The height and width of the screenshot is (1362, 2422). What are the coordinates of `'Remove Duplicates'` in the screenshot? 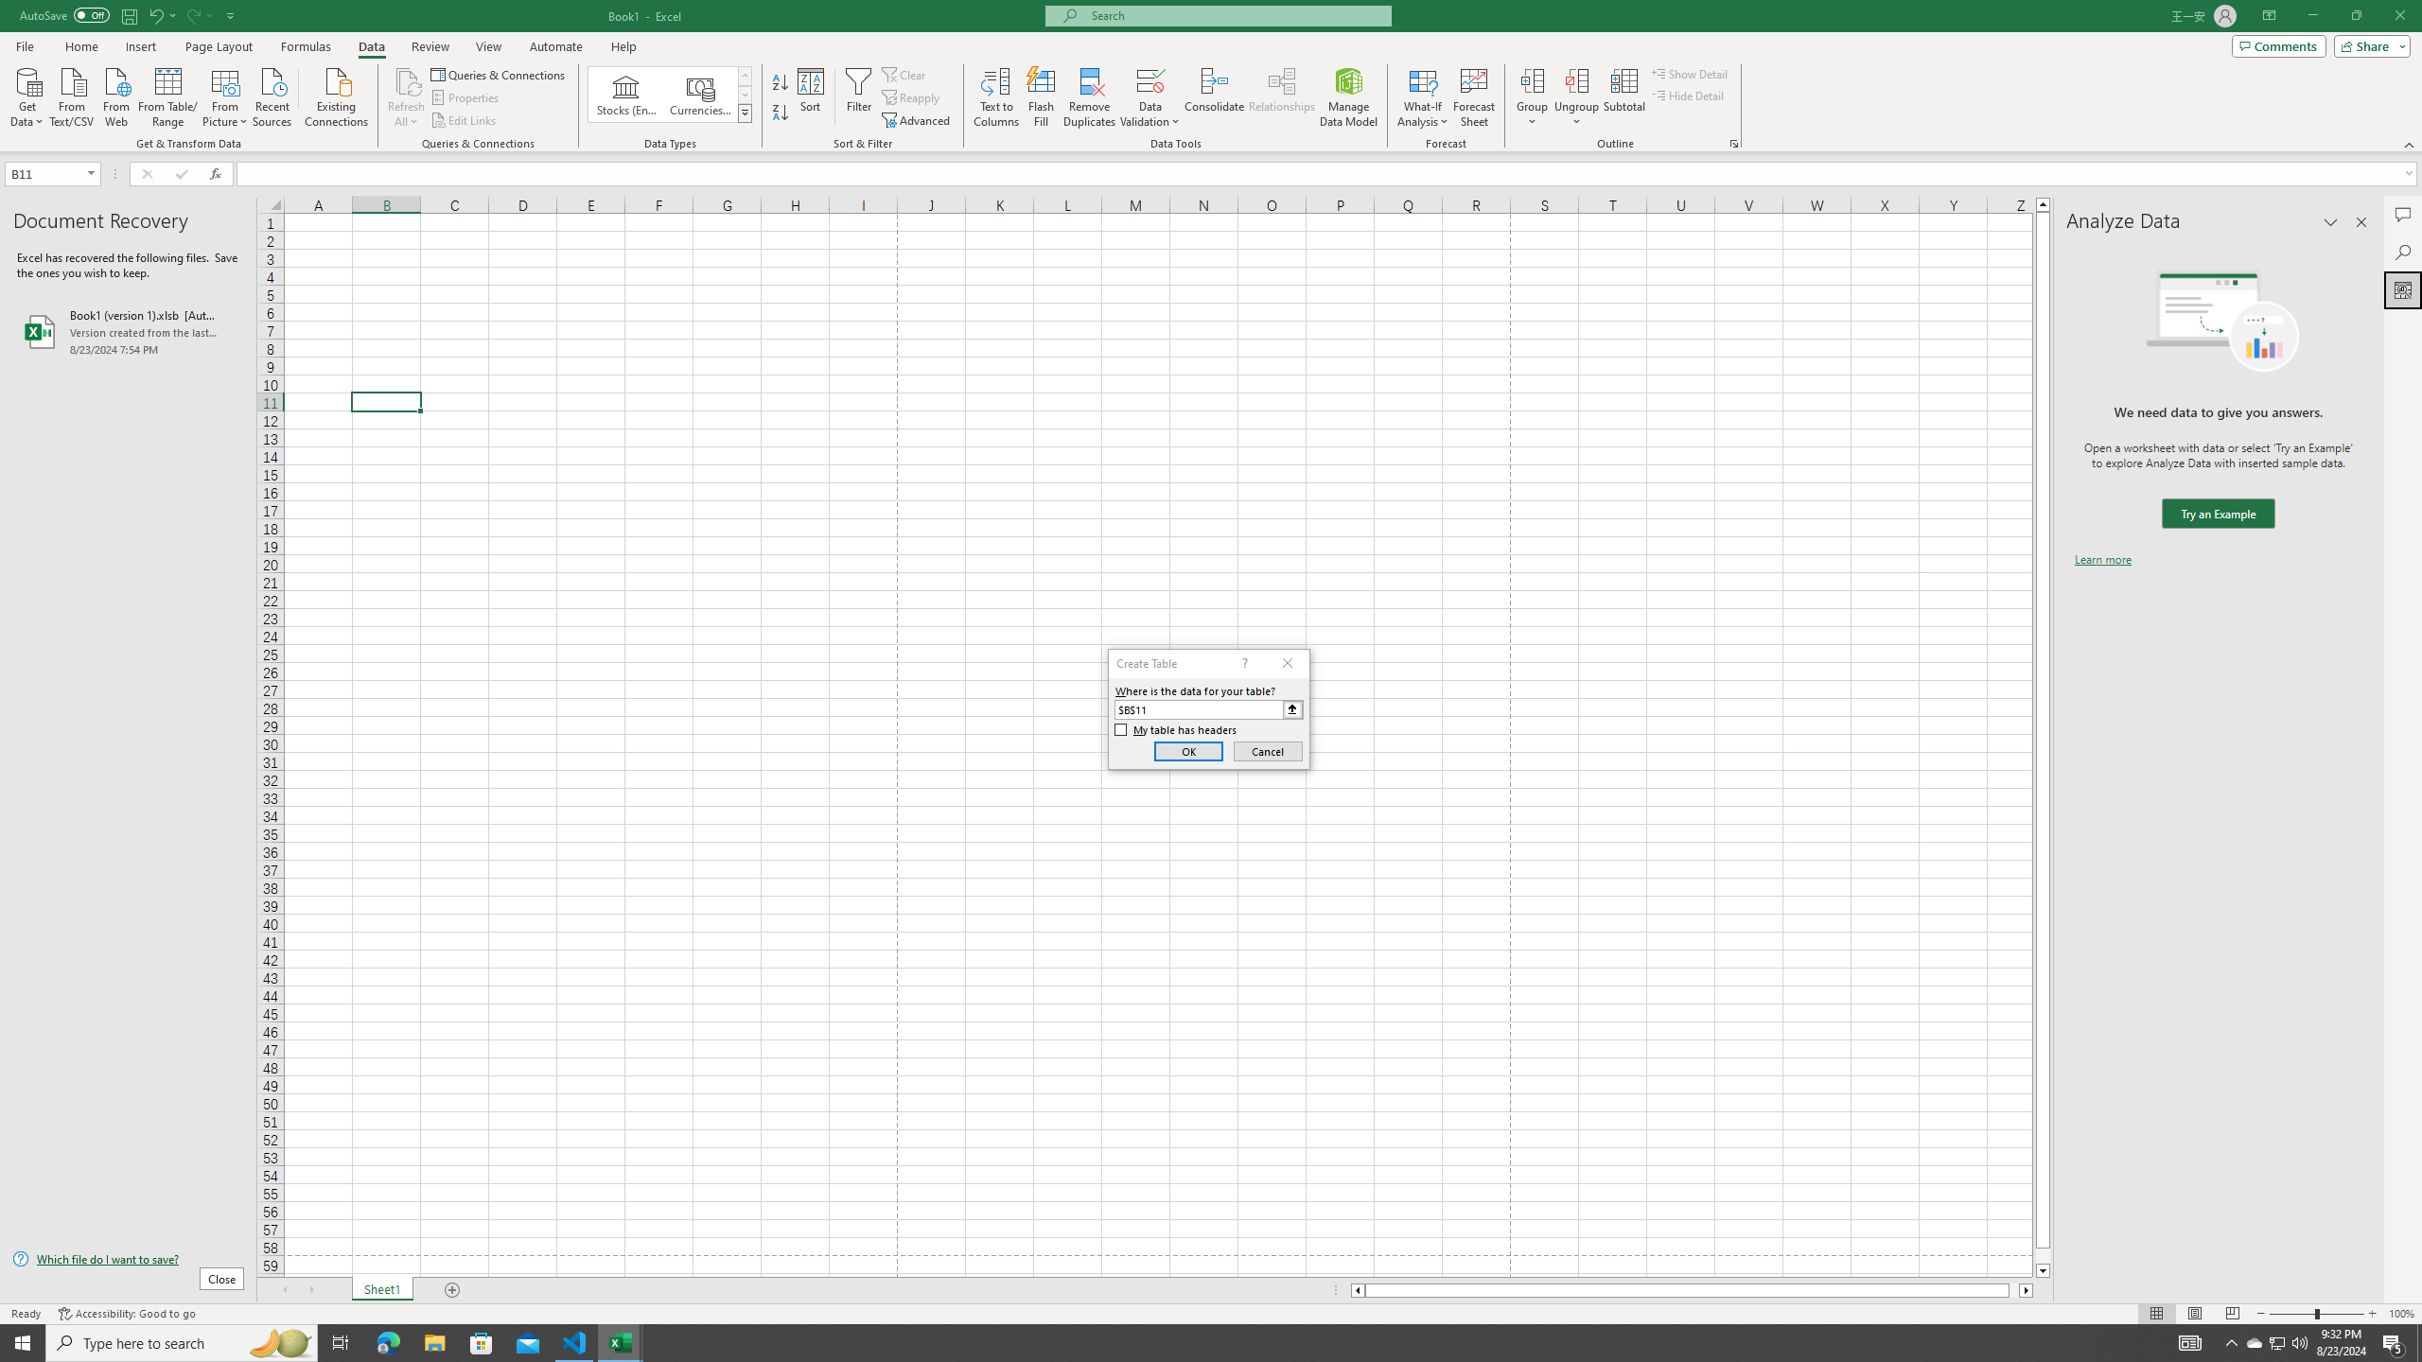 It's located at (1089, 97).